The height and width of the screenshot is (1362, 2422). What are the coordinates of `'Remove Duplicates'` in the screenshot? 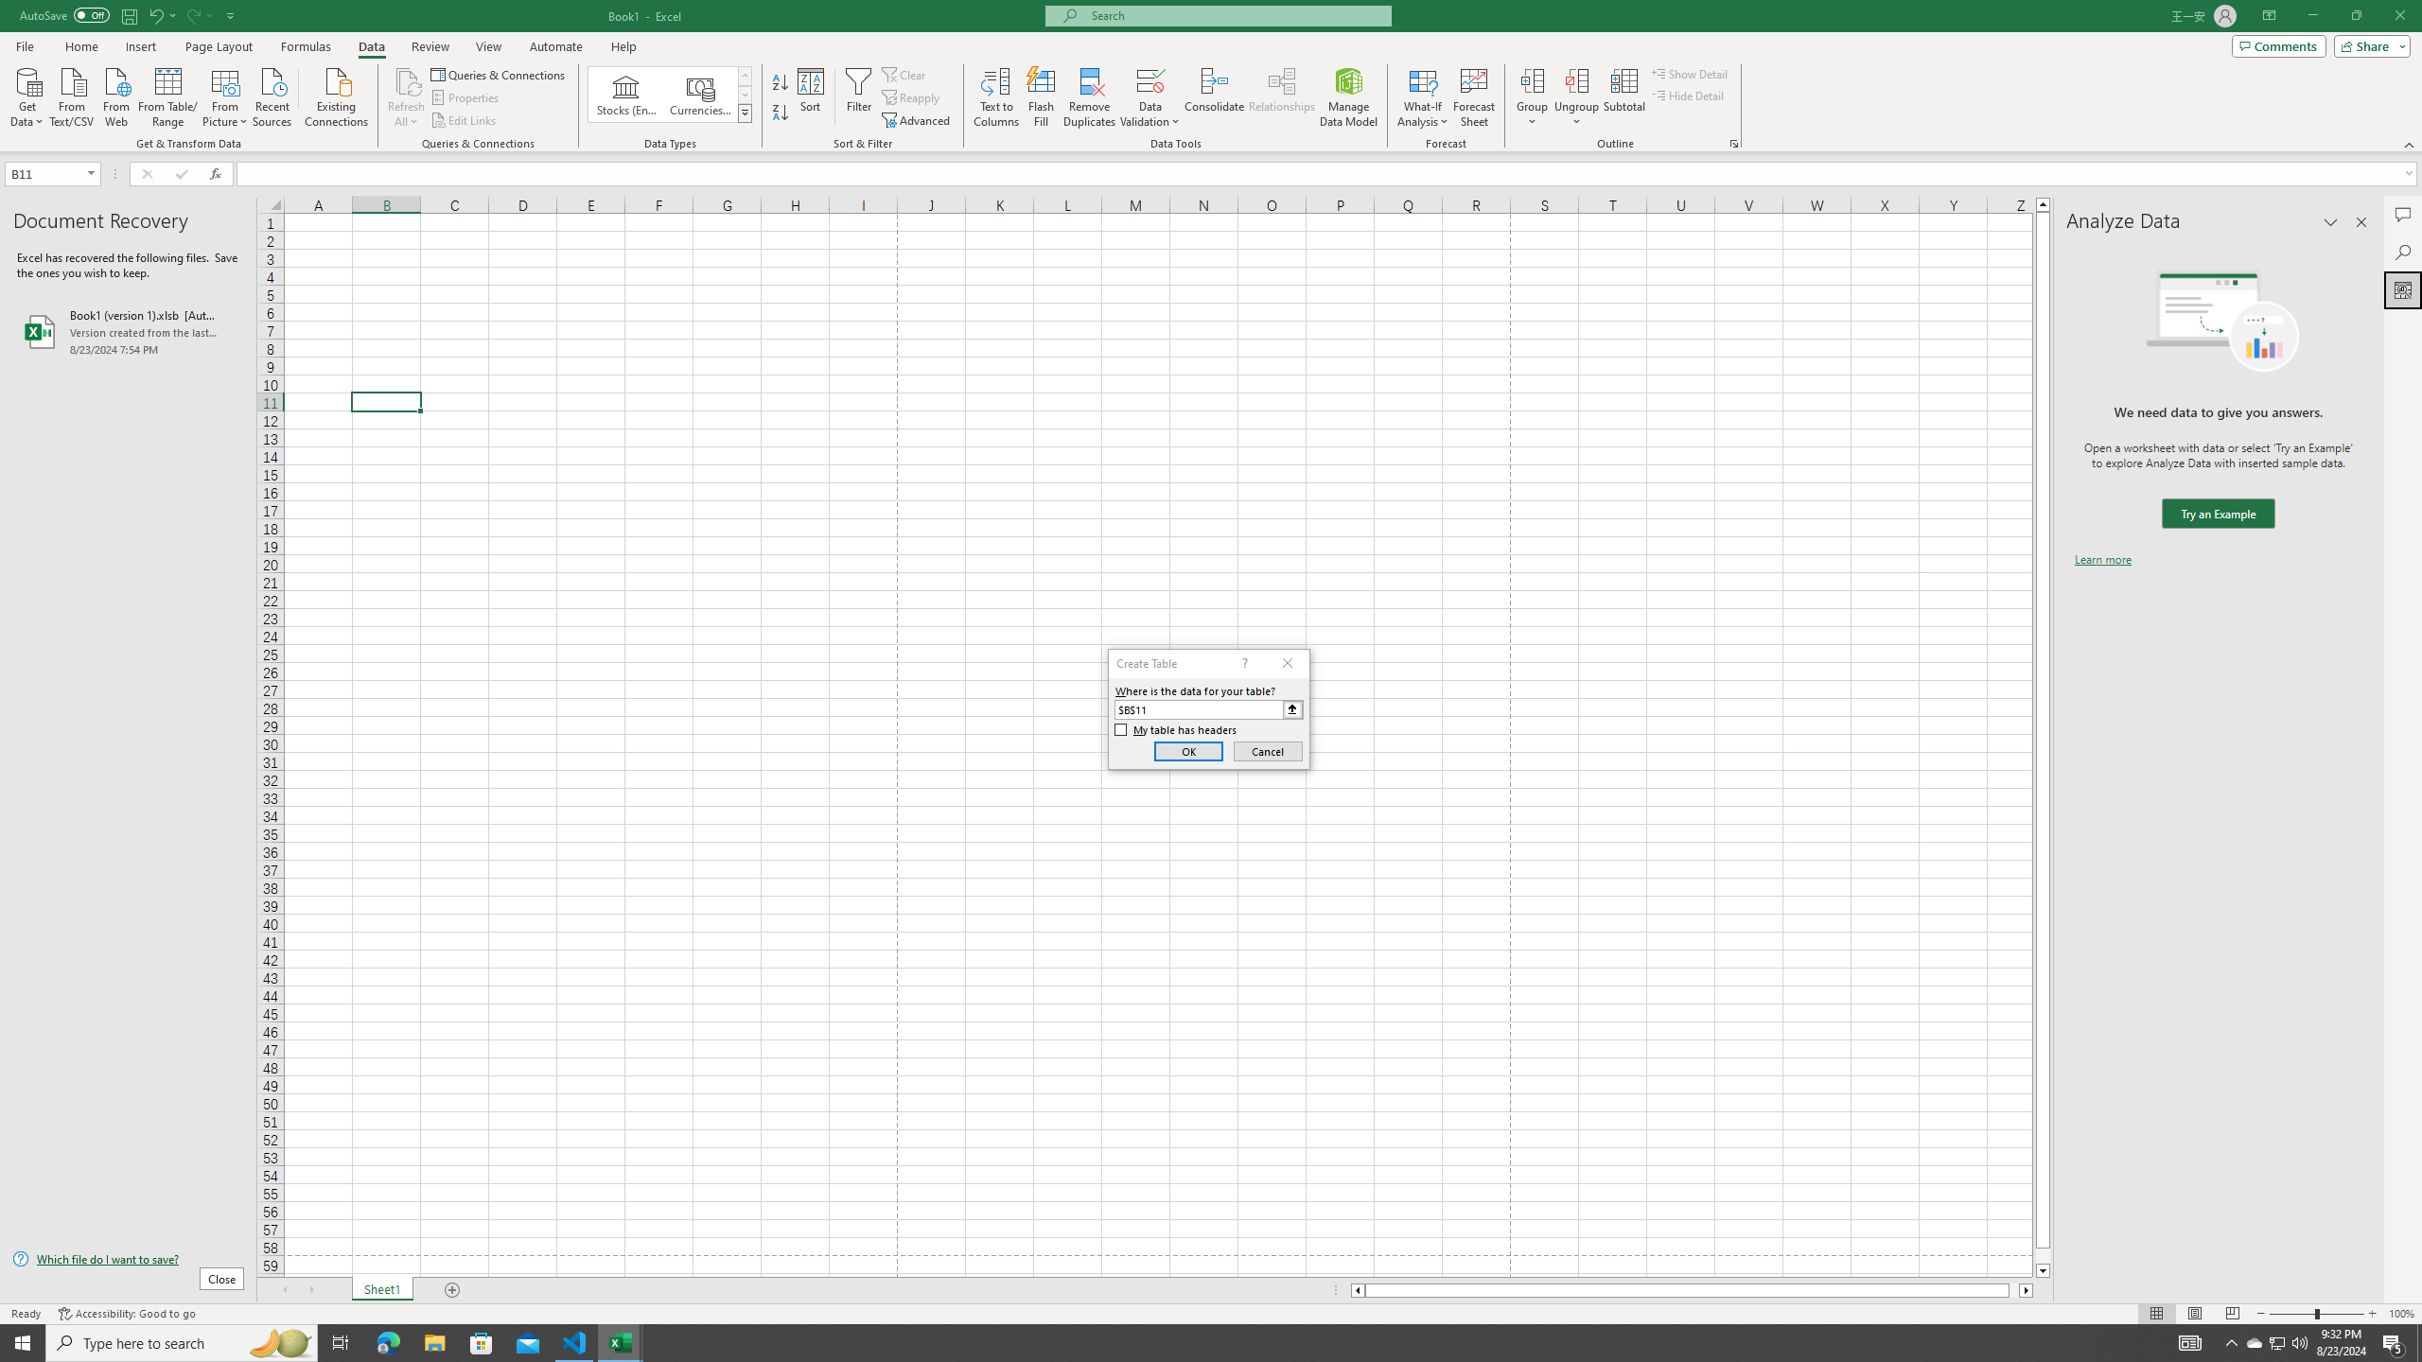 It's located at (1089, 97).